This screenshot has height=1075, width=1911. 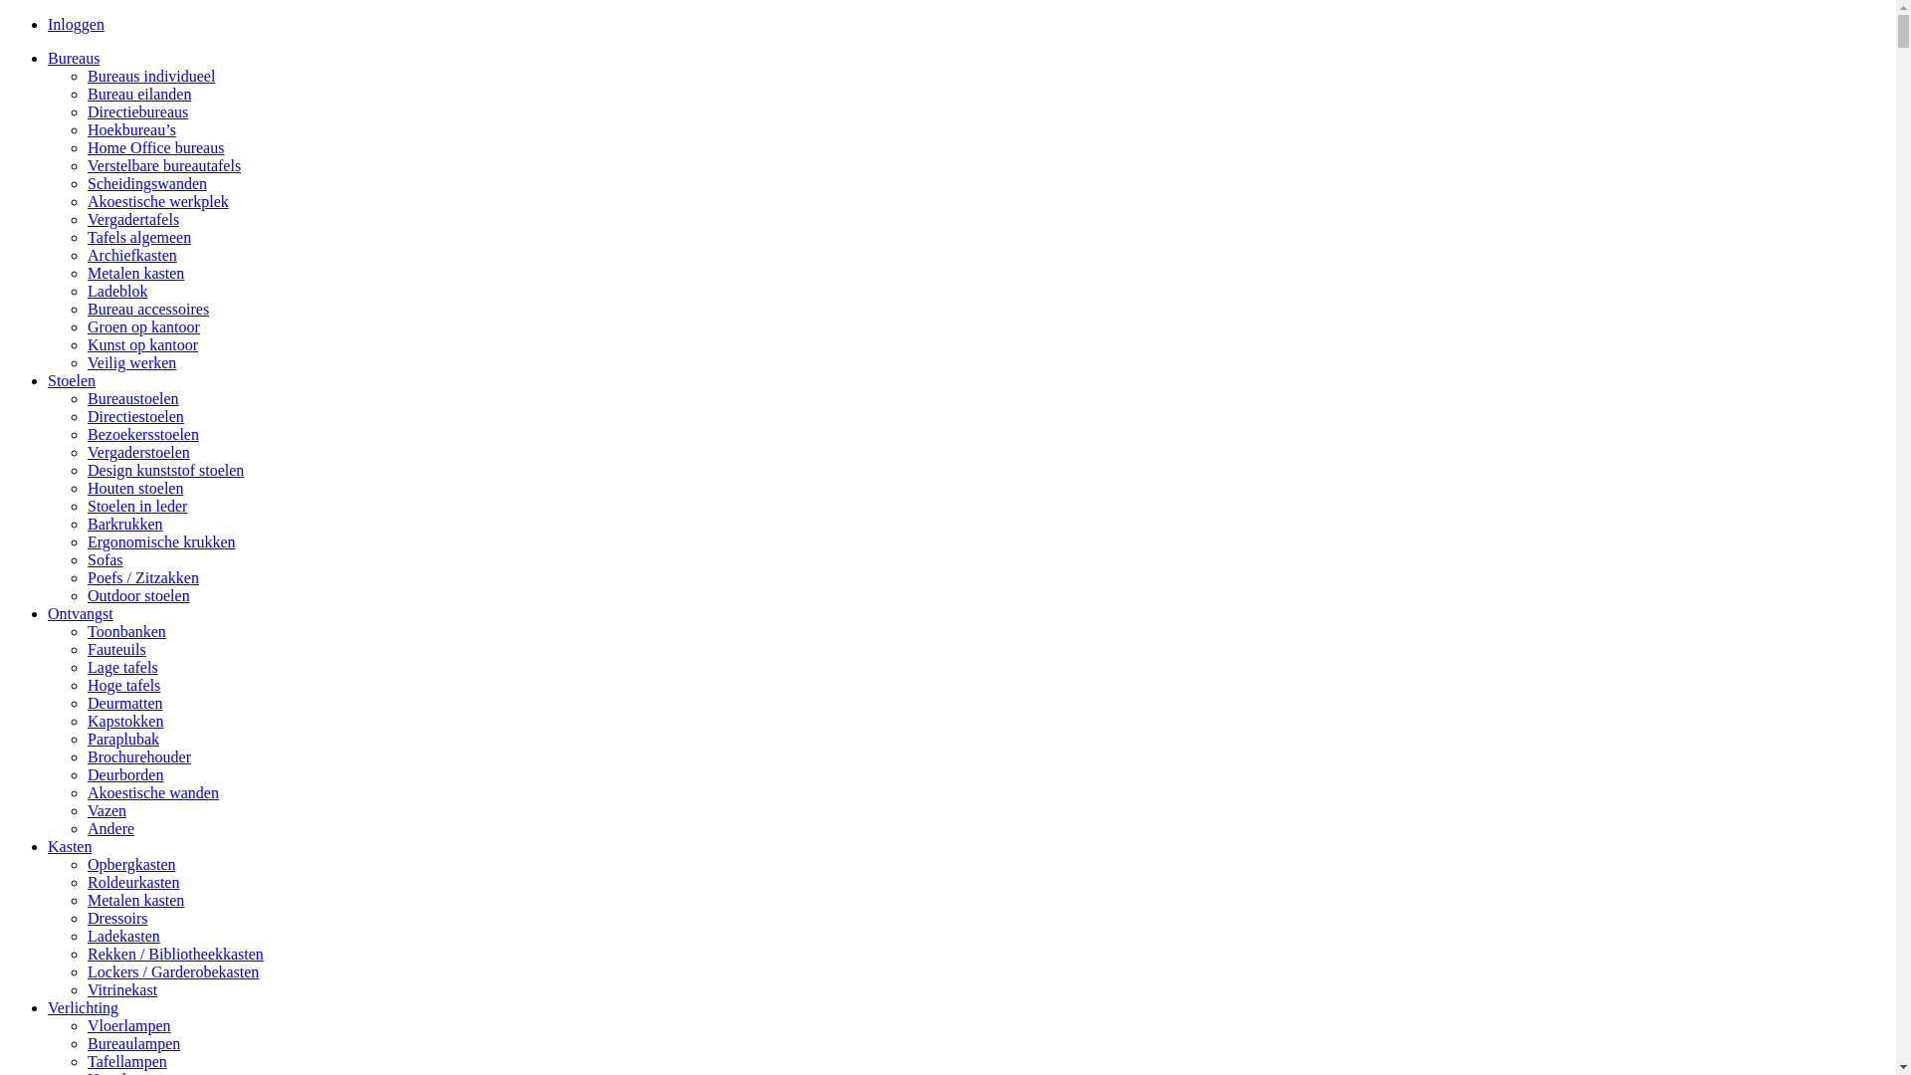 I want to click on 'Bezoekersstoelen', so click(x=142, y=433).